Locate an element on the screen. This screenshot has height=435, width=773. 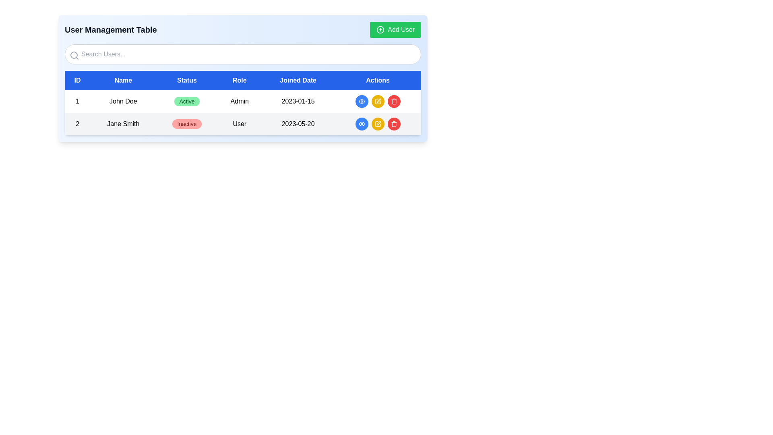
the delete icon button located at the bottom-right corner of the user management table is located at coordinates (394, 124).